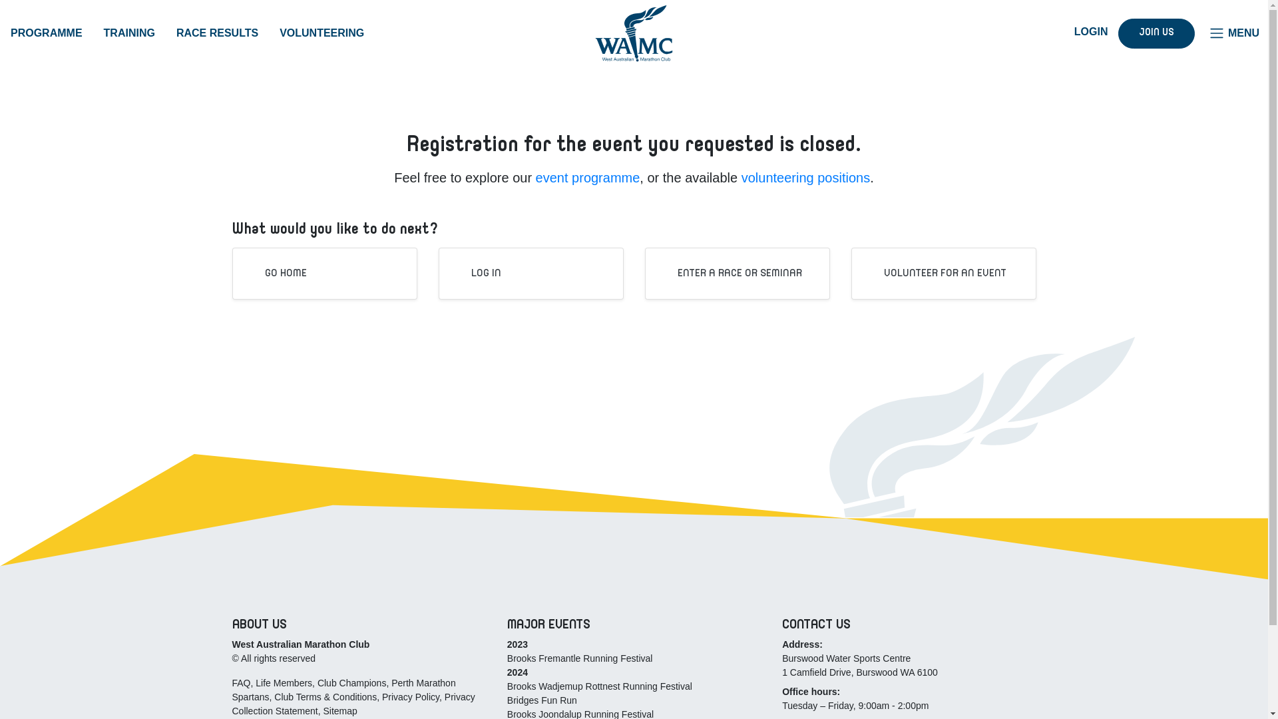 The width and height of the screenshot is (1278, 719). I want to click on 'ENTER A RACE OR SEMINAR', so click(730, 273).